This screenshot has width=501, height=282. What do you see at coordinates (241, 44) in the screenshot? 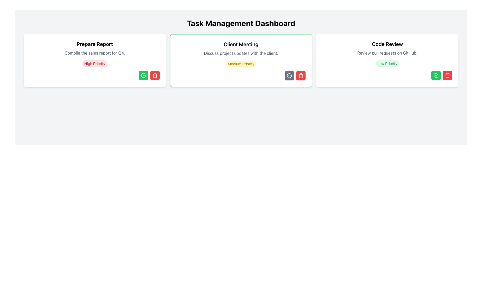
I see `the text label displaying 'Client Meeting', which is at the top of the task card and styled with a bold and larger font` at bounding box center [241, 44].